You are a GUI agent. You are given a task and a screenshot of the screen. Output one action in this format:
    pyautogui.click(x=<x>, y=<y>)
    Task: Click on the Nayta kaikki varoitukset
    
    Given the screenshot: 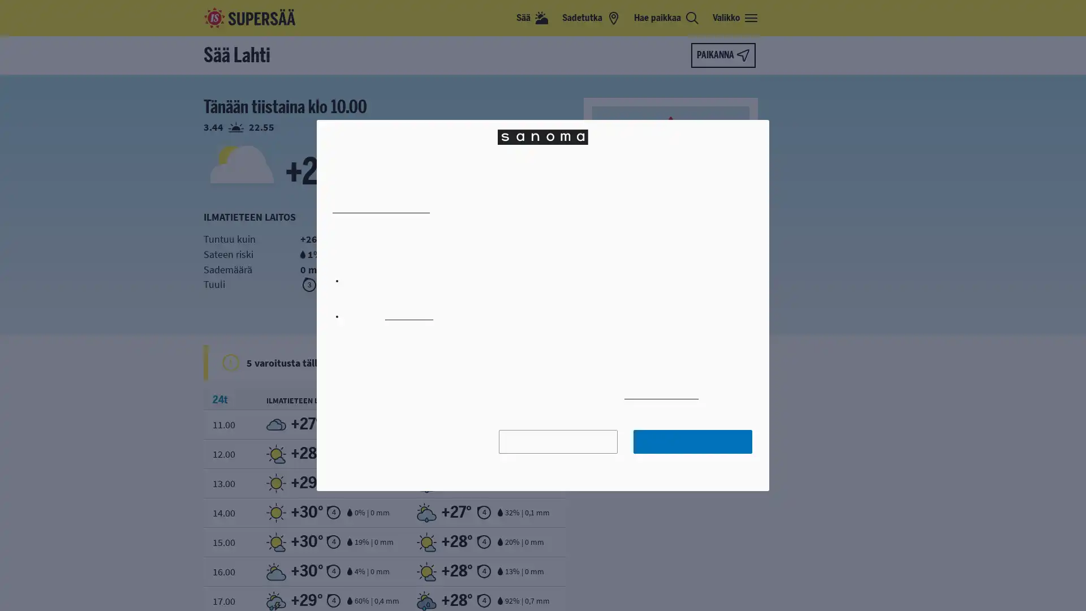 What is the action you would take?
    pyautogui.click(x=551, y=362)
    